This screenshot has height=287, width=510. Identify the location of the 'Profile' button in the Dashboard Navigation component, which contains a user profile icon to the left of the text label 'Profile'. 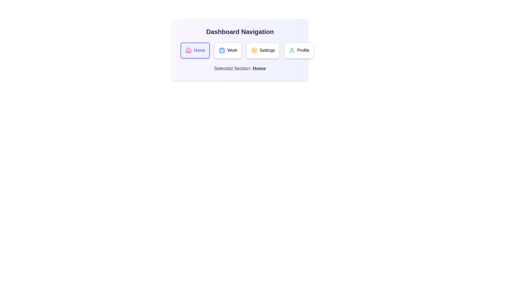
(292, 50).